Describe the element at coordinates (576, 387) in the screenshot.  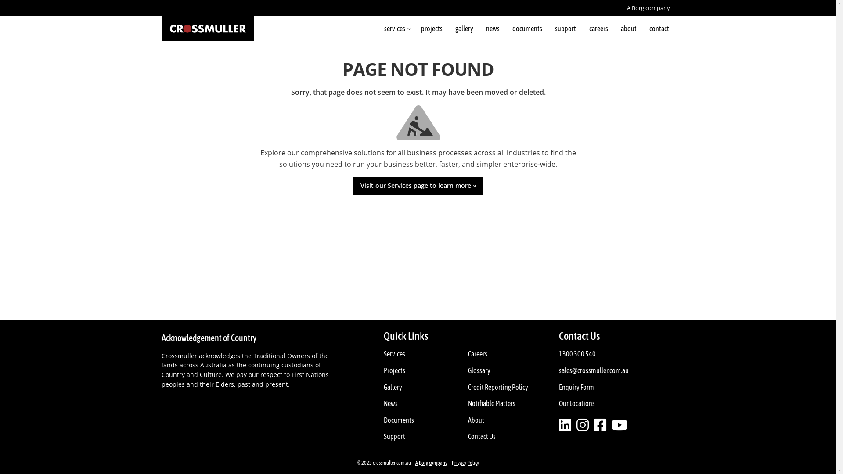
I see `'Enquiry Form'` at that location.